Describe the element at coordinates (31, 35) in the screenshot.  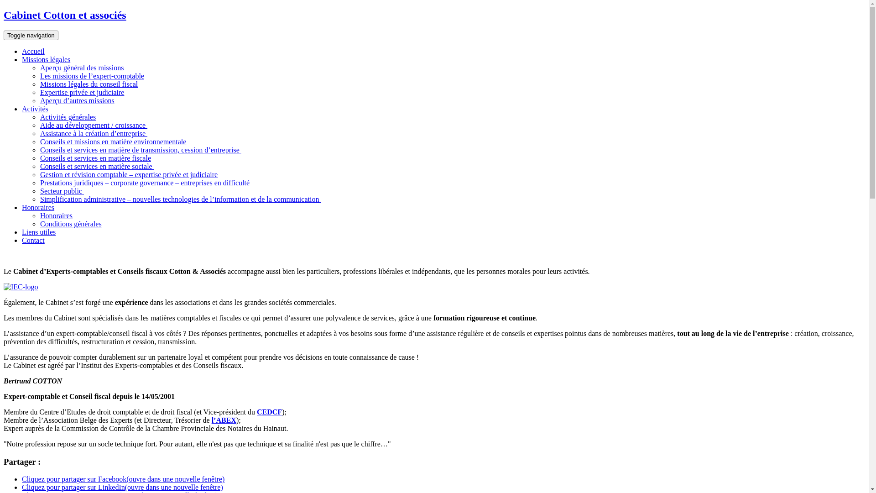
I see `'Toggle navigation'` at that location.